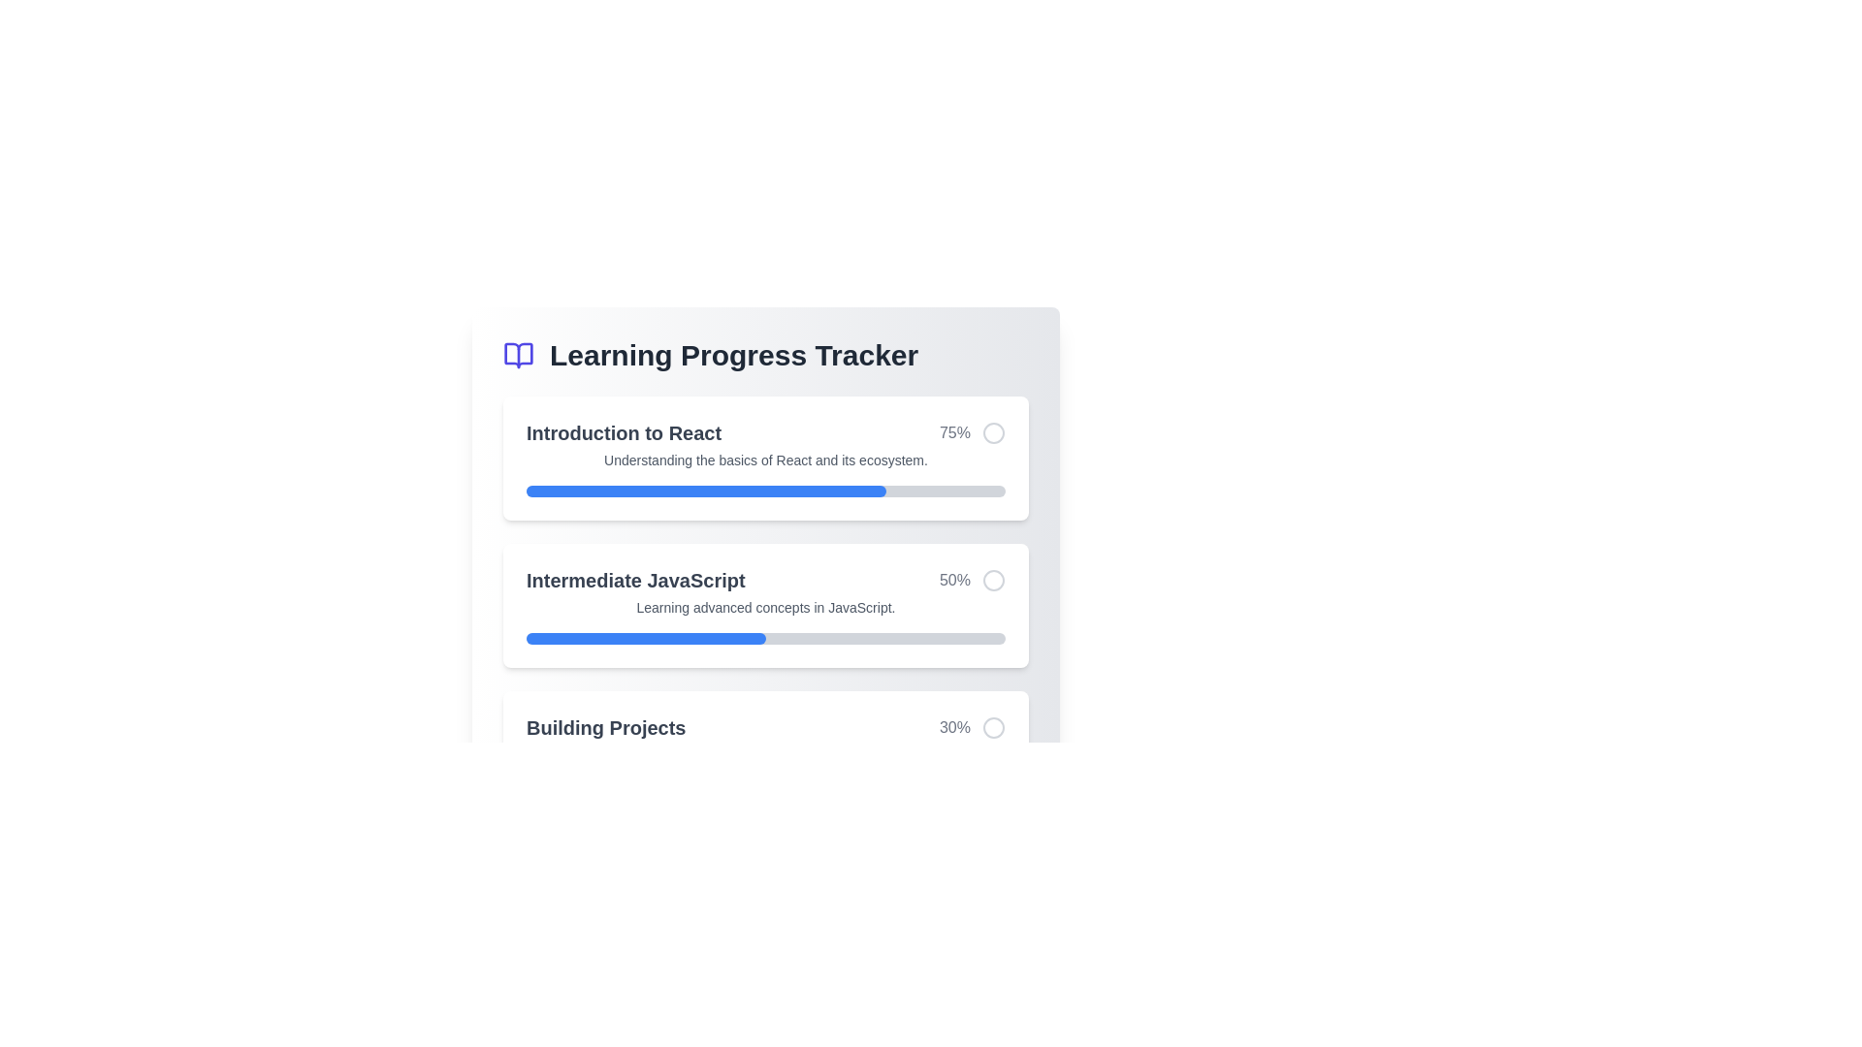 The width and height of the screenshot is (1862, 1047). What do you see at coordinates (705, 490) in the screenshot?
I see `the blue filled segment of the progress bar that indicates 75% completion in the 'Introduction to React' section of the Learning Progress Tracker` at bounding box center [705, 490].